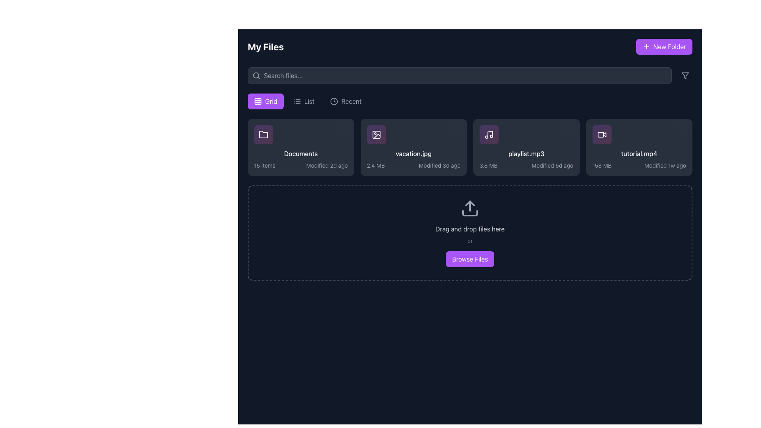  What do you see at coordinates (264, 134) in the screenshot?
I see `the folder icon with rounded edges and a tab-like projection located in the top-left corner of the 'Documents' tile in the 'My Files' interface` at bounding box center [264, 134].